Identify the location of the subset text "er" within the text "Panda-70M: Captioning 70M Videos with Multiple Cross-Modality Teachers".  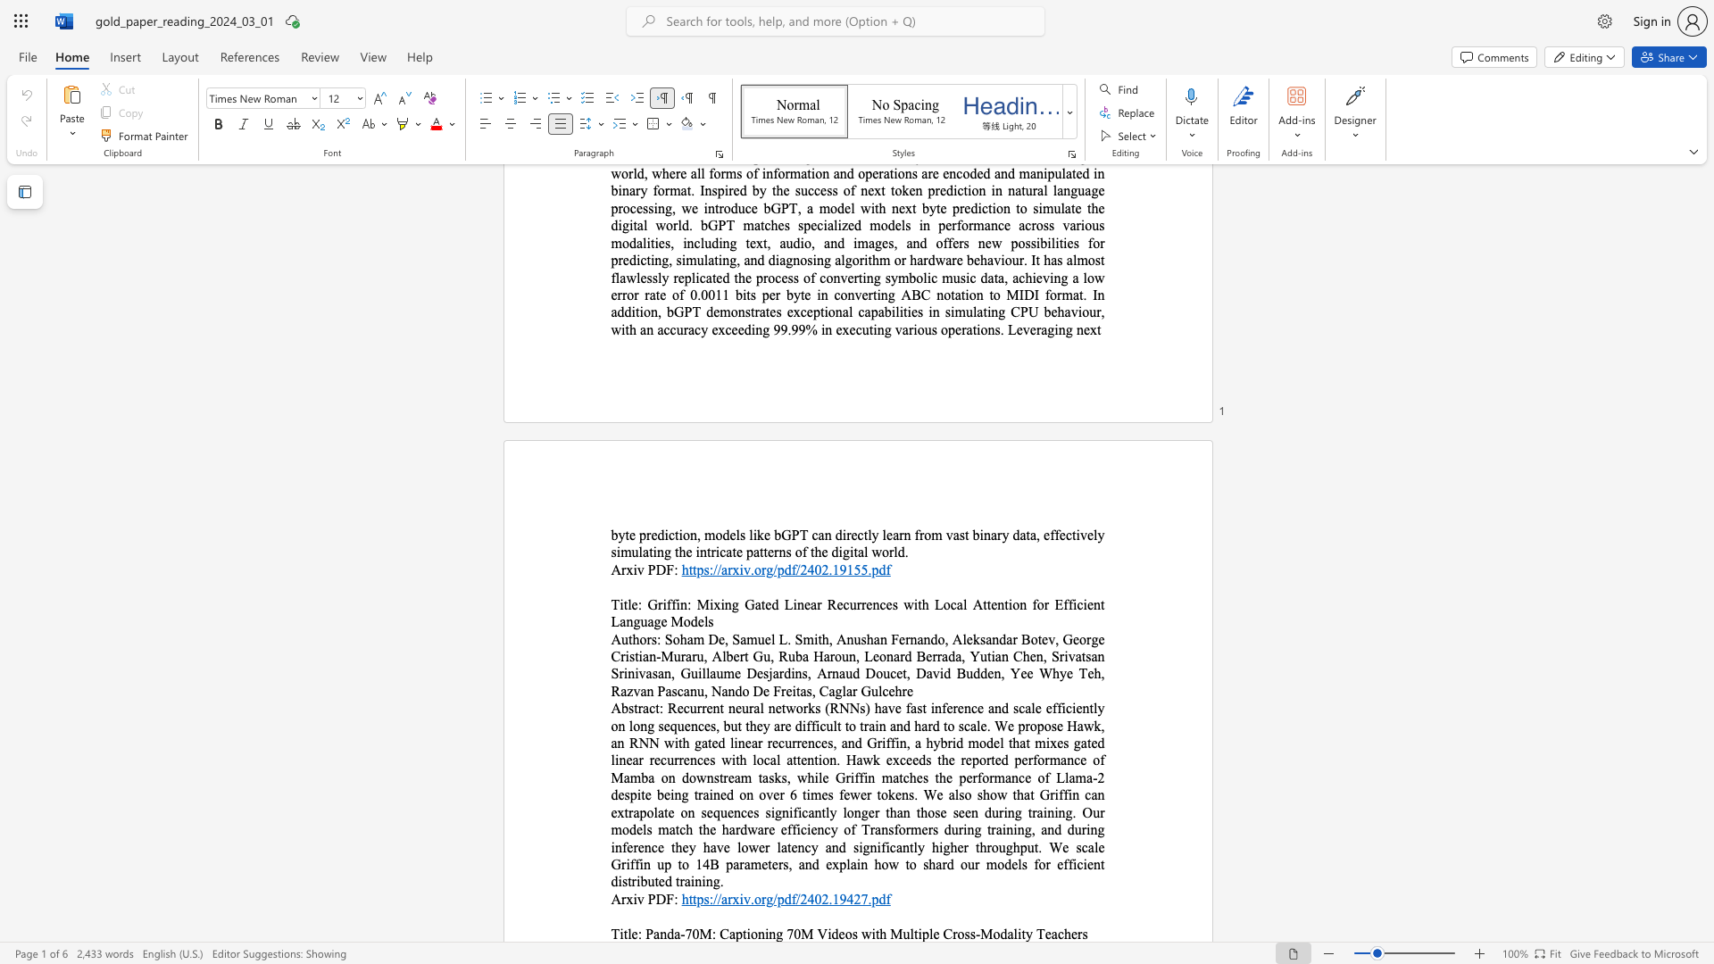
(1071, 933).